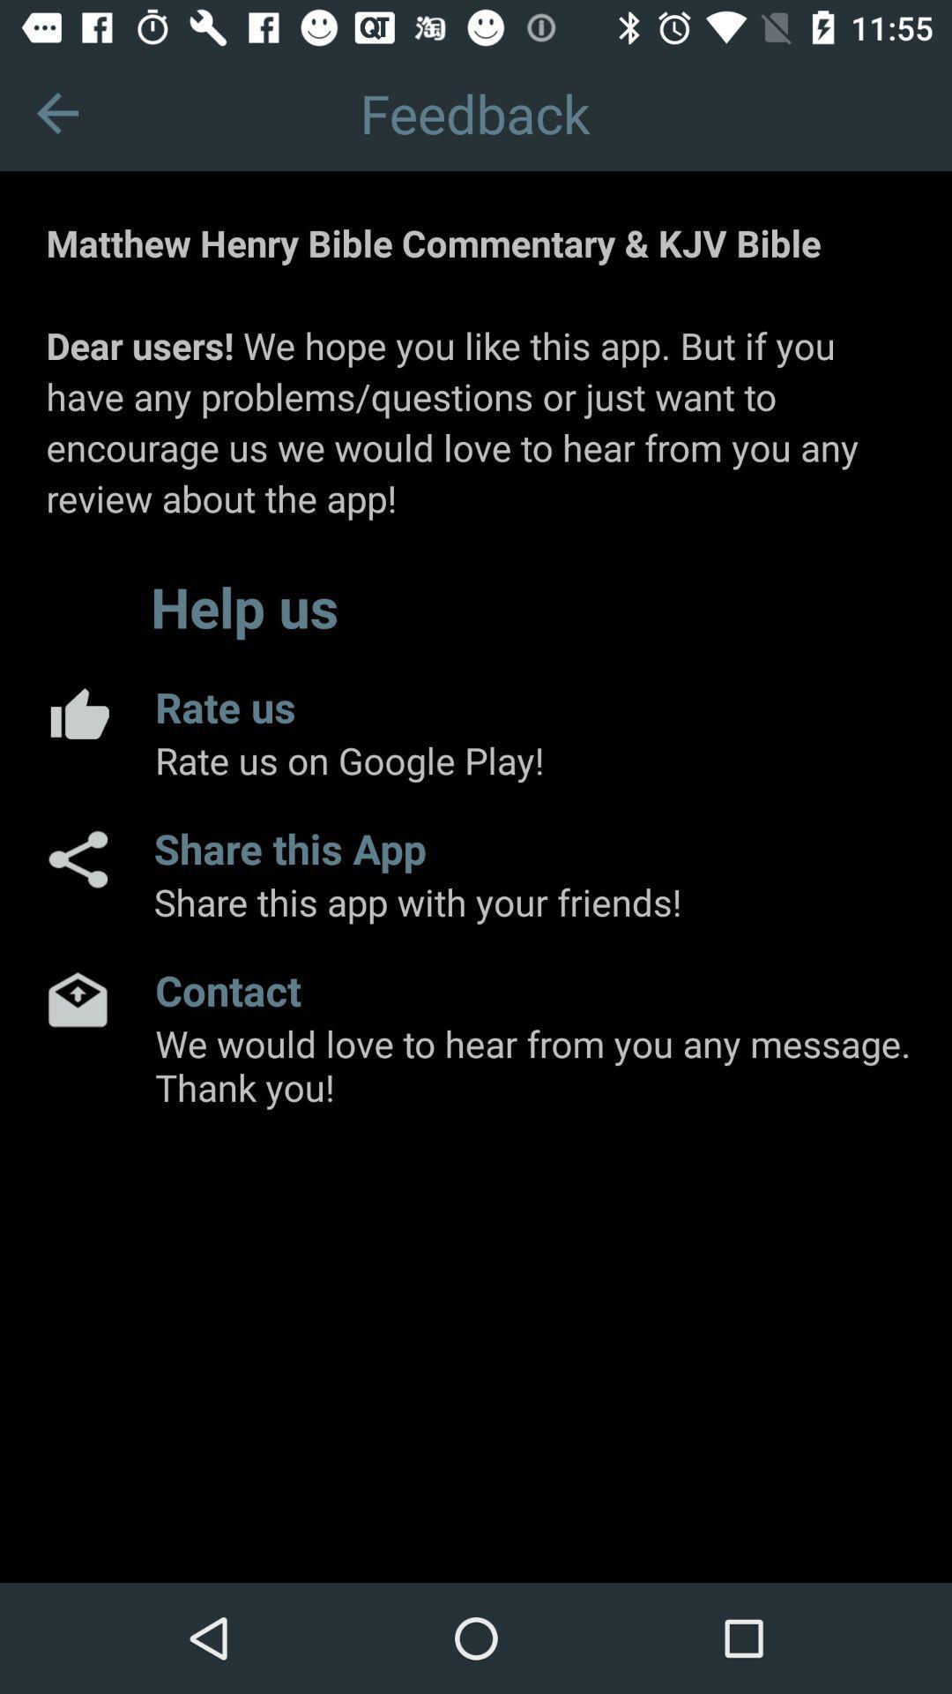 This screenshot has width=952, height=1694. I want to click on curtir, so click(77, 713).